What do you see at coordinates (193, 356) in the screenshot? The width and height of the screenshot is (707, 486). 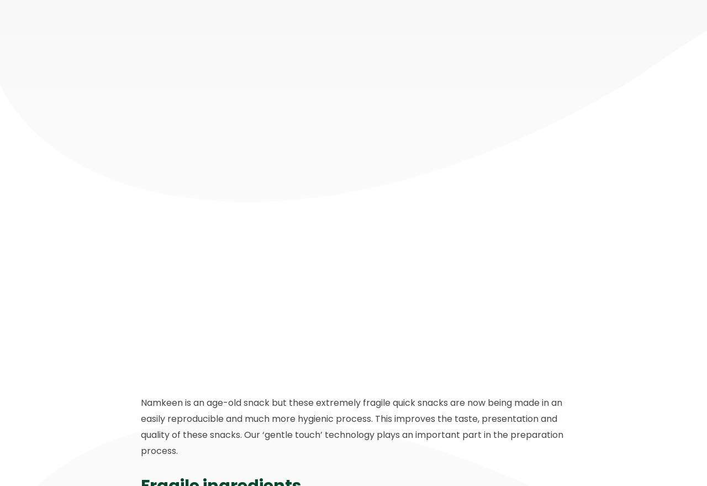 I see `'Lindor'` at bounding box center [193, 356].